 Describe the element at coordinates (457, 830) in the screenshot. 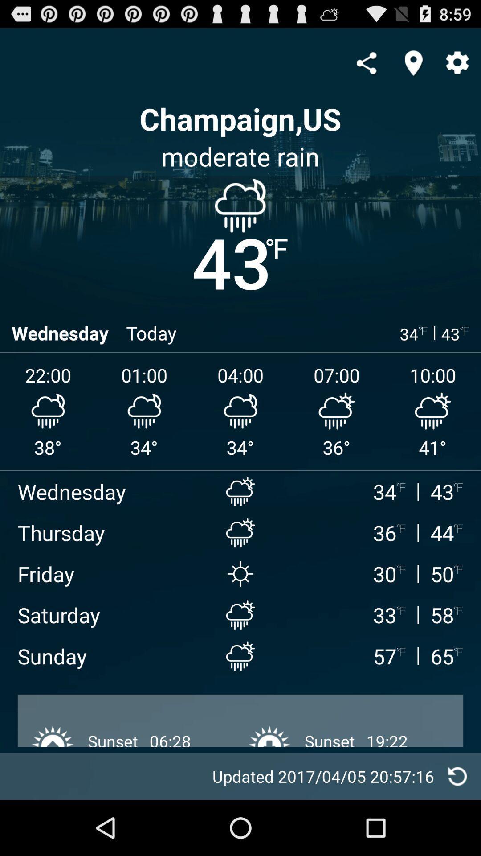

I see `the refresh icon` at that location.